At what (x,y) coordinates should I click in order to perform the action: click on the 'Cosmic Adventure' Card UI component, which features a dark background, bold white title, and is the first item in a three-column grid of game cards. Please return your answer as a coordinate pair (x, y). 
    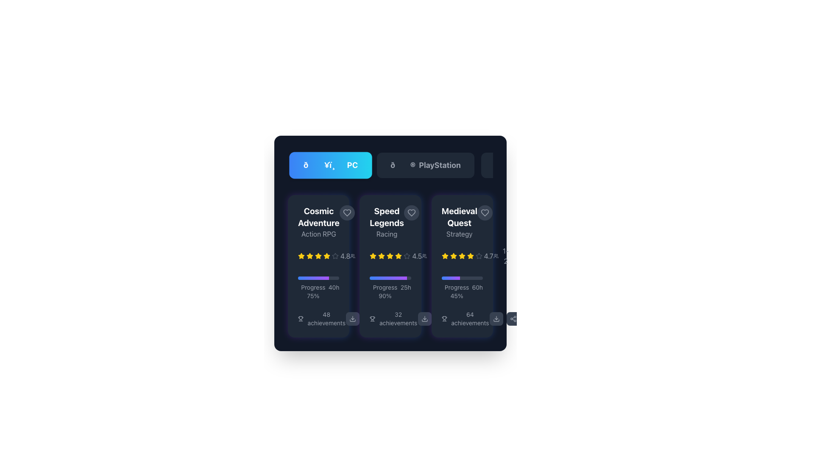
    Looking at the image, I should click on (318, 266).